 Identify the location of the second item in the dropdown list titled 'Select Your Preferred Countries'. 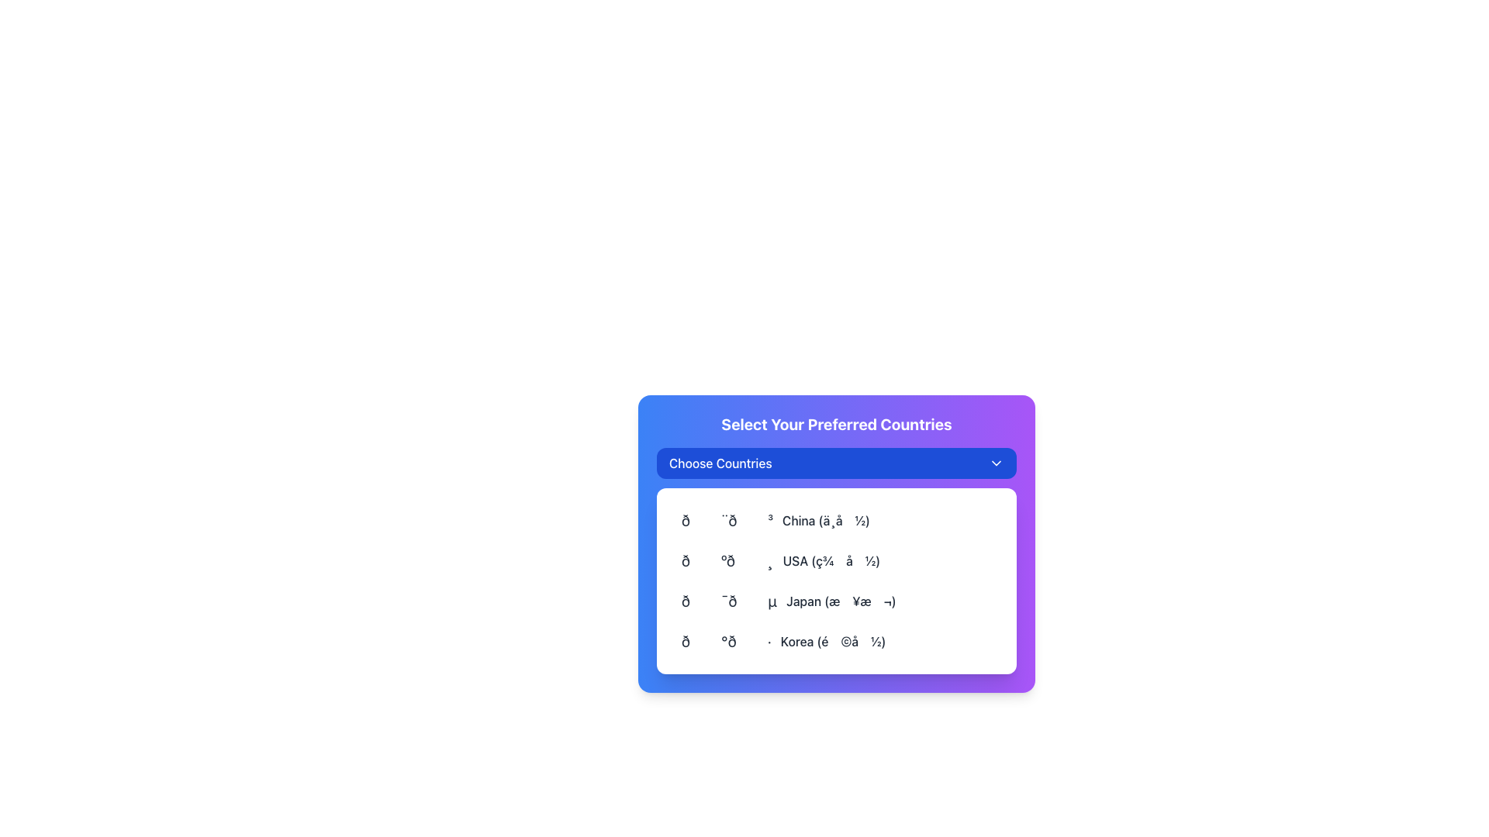
(836, 543).